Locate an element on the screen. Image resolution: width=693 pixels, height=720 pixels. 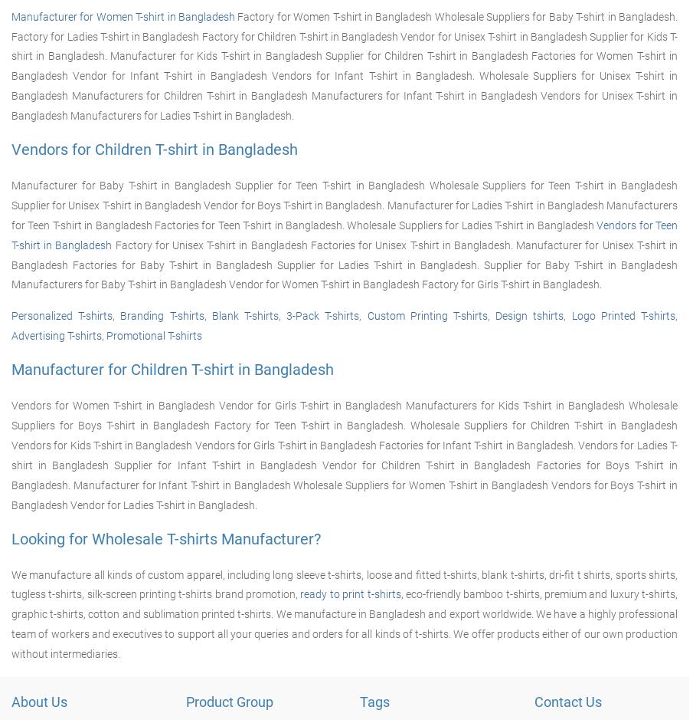
'Branding T-shirts' is located at coordinates (161, 315).